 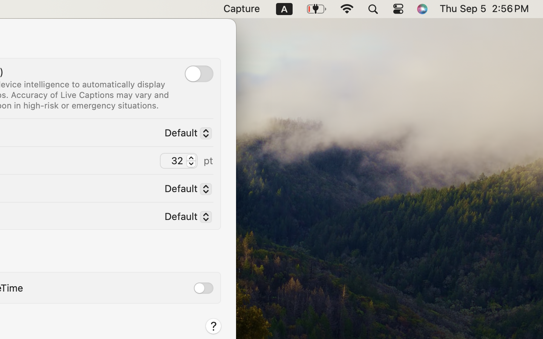 What do you see at coordinates (208, 160) in the screenshot?
I see `'pt'` at bounding box center [208, 160].